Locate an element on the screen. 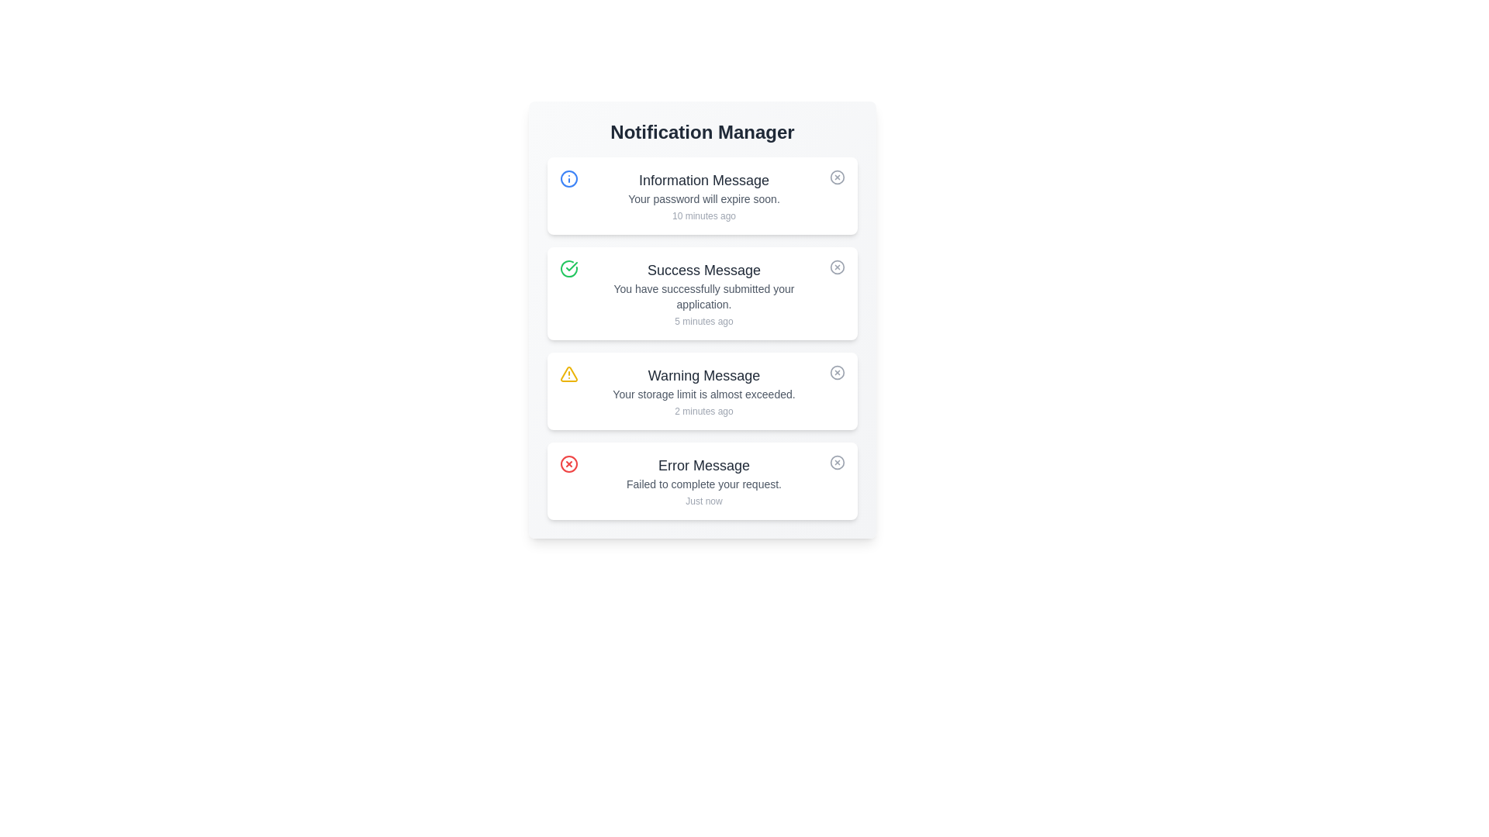 The width and height of the screenshot is (1489, 837). the decorative circular element that is part of the 'x' icon located at the far right of the 'Error Message' notification card is located at coordinates (837, 462).